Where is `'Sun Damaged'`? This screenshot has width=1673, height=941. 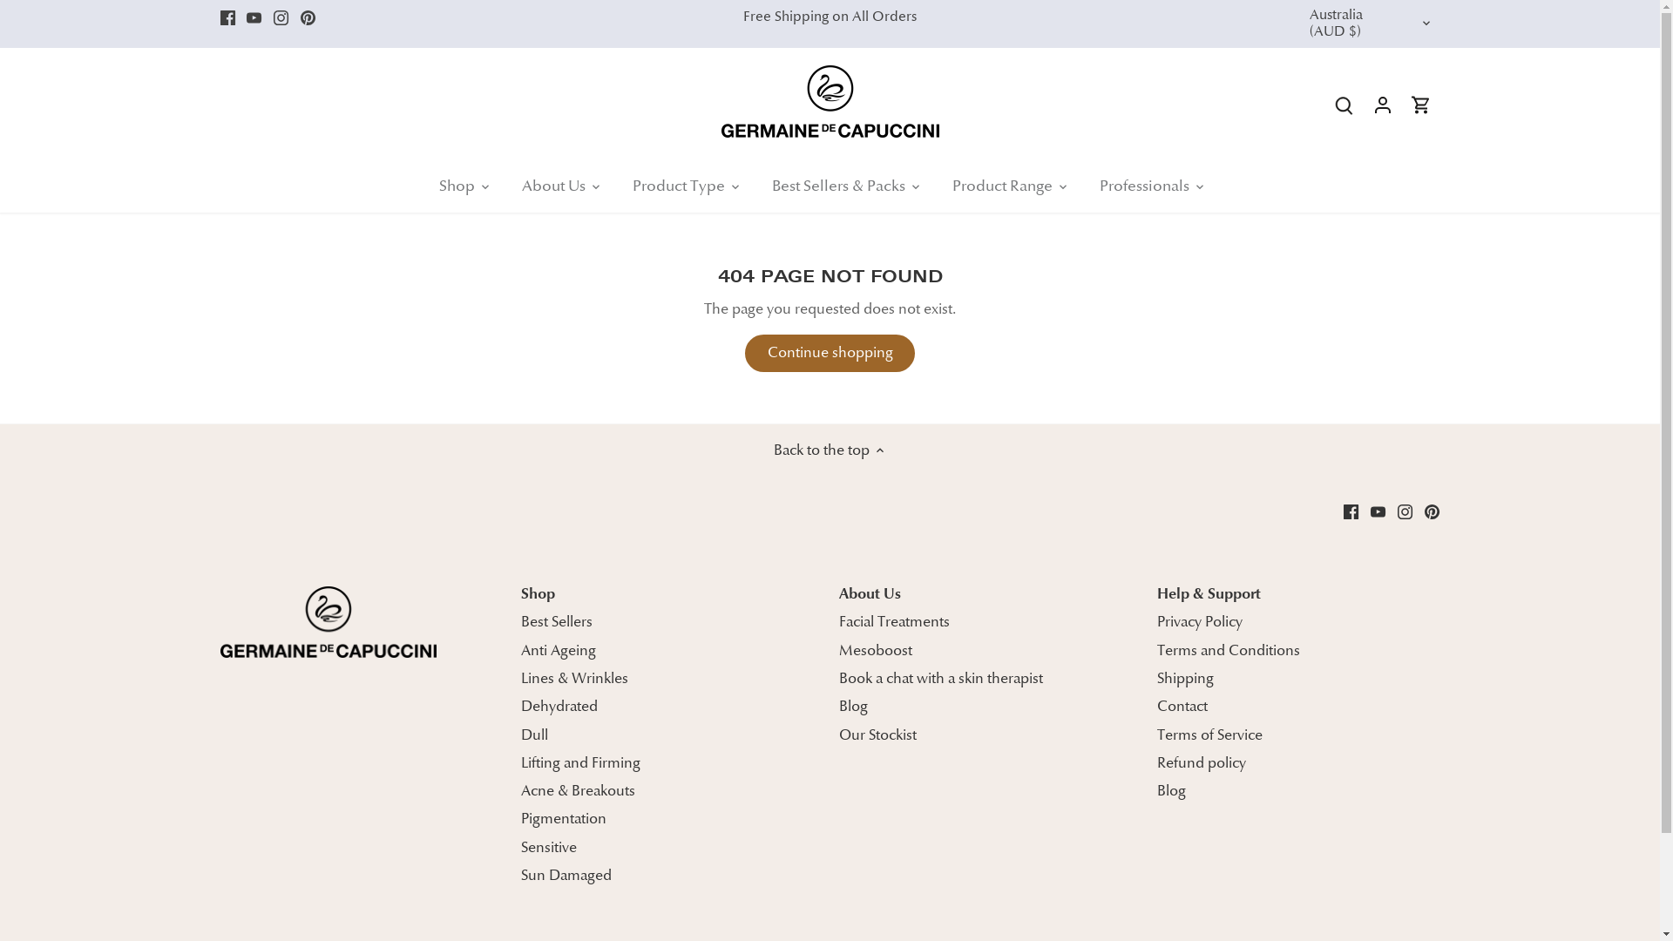
'Sun Damaged' is located at coordinates (566, 876).